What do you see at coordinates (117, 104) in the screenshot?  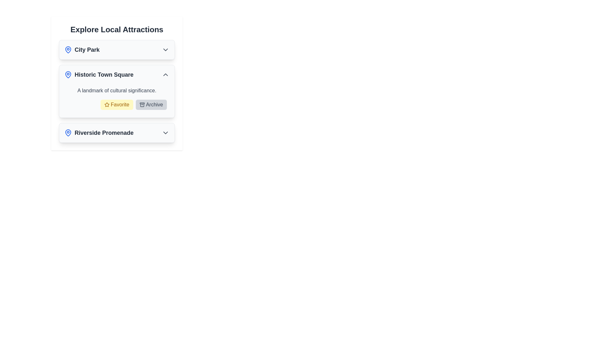 I see `the 'Favorite' button, which has a light yellow background and a star icon, located in the bottom-right corner of the 'Historic Town Square' card` at bounding box center [117, 104].